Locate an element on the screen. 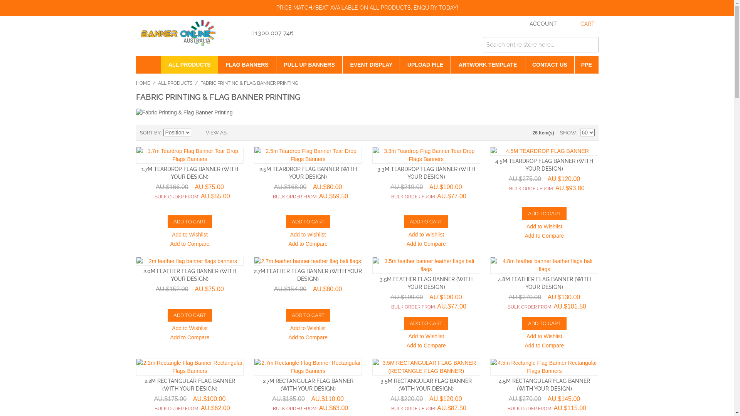 Image resolution: width=740 pixels, height=416 pixels. '2.5M TEARDROP FLAG BANNER (WITH YOUR DESIGN)' is located at coordinates (308, 172).